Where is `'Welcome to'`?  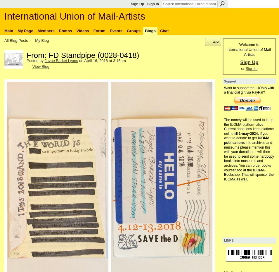 'Welcome to' is located at coordinates (249, 44).